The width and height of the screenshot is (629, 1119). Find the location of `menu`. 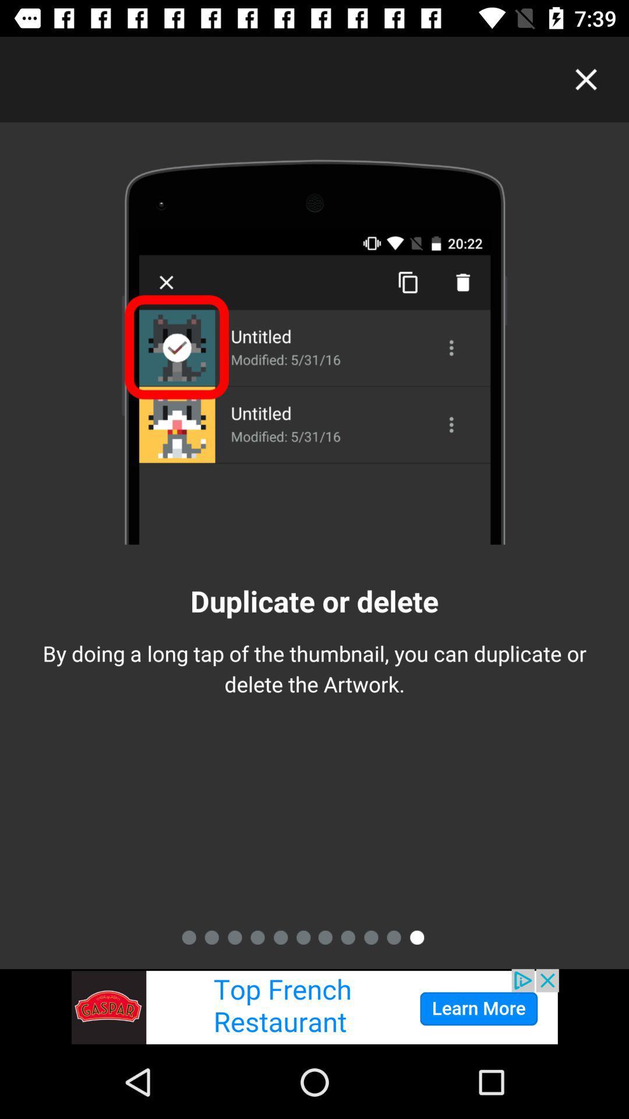

menu is located at coordinates (586, 79).